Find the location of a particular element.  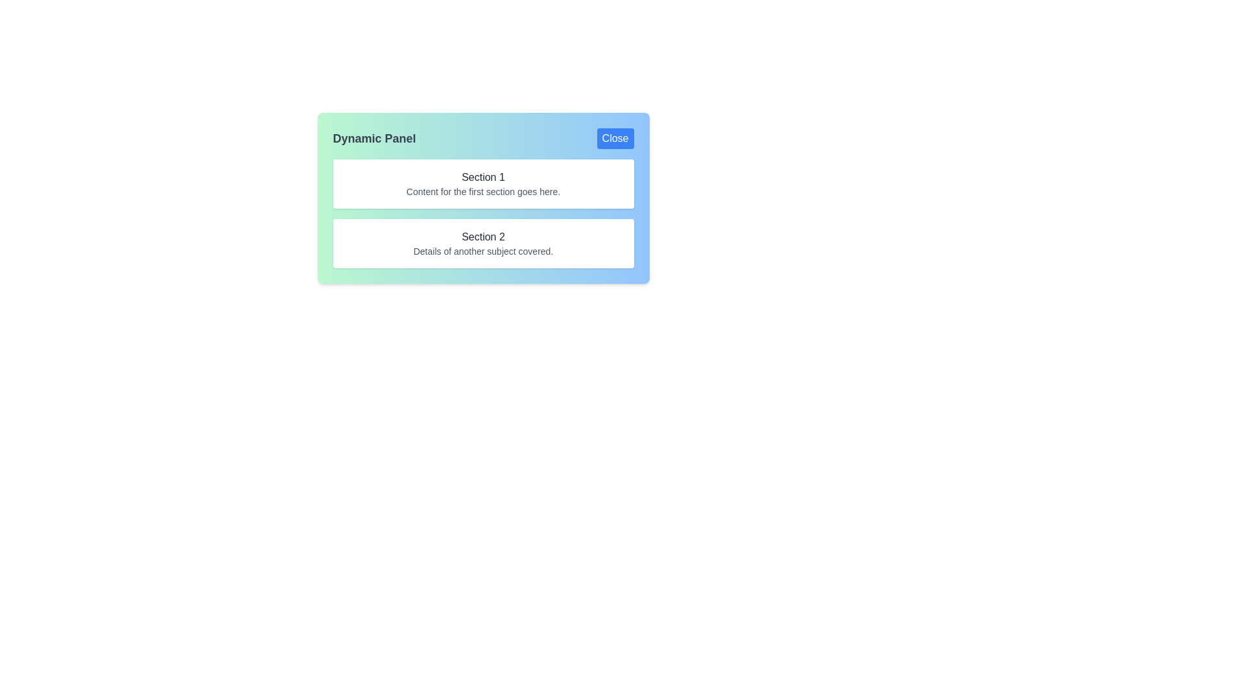

the subsections within the 'Dynamic Panel' which contains the headers 'Section 1' and 'Section 2' is located at coordinates (482, 198).